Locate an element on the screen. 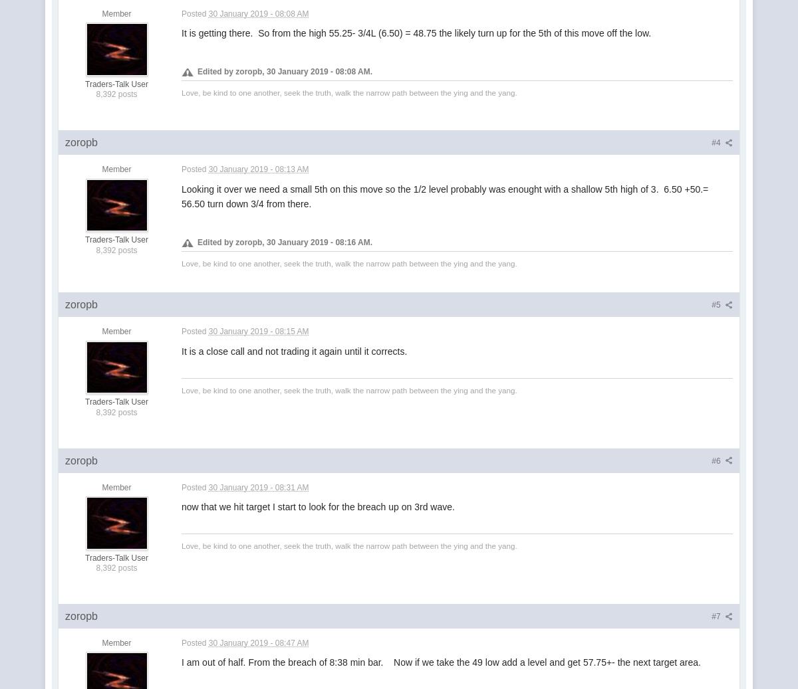 The height and width of the screenshot is (689, 798). '30 January 2019 - 08:13 AM' is located at coordinates (207, 167).